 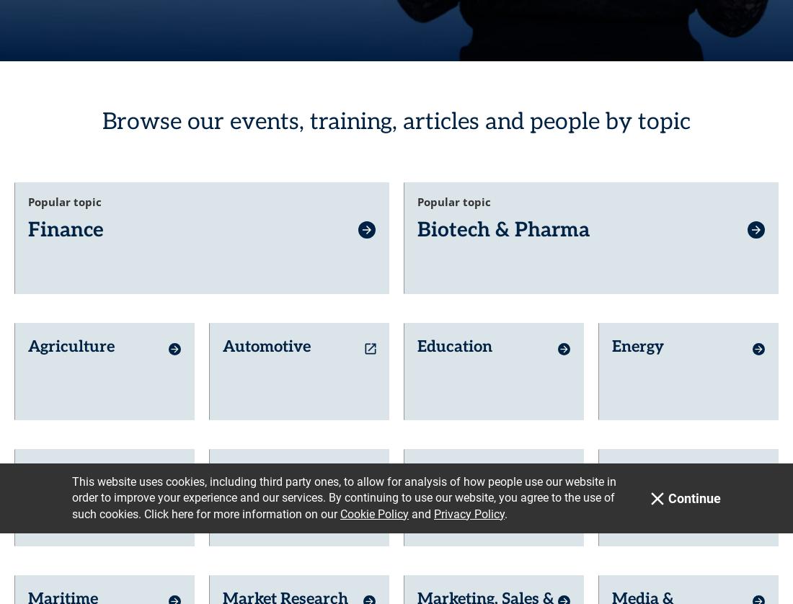 What do you see at coordinates (611, 179) in the screenshot?
I see `'Energy'` at bounding box center [611, 179].